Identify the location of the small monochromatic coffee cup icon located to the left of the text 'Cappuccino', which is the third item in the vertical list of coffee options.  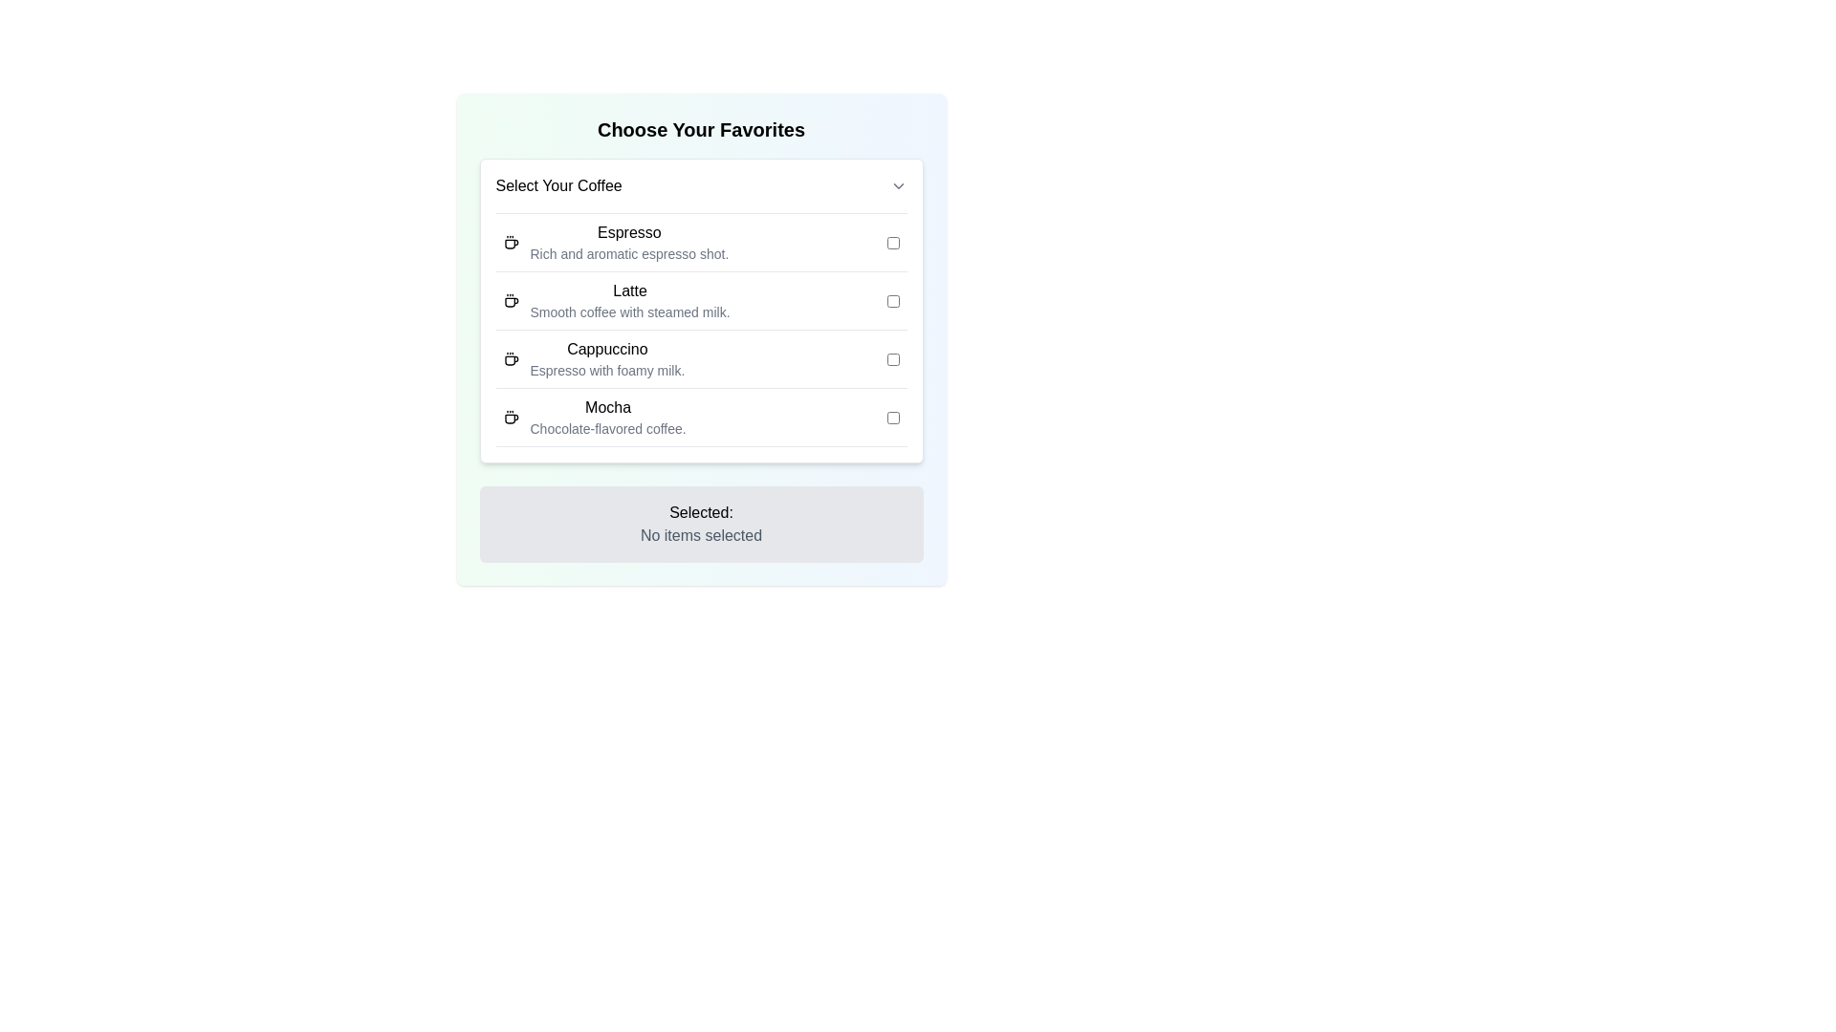
(511, 358).